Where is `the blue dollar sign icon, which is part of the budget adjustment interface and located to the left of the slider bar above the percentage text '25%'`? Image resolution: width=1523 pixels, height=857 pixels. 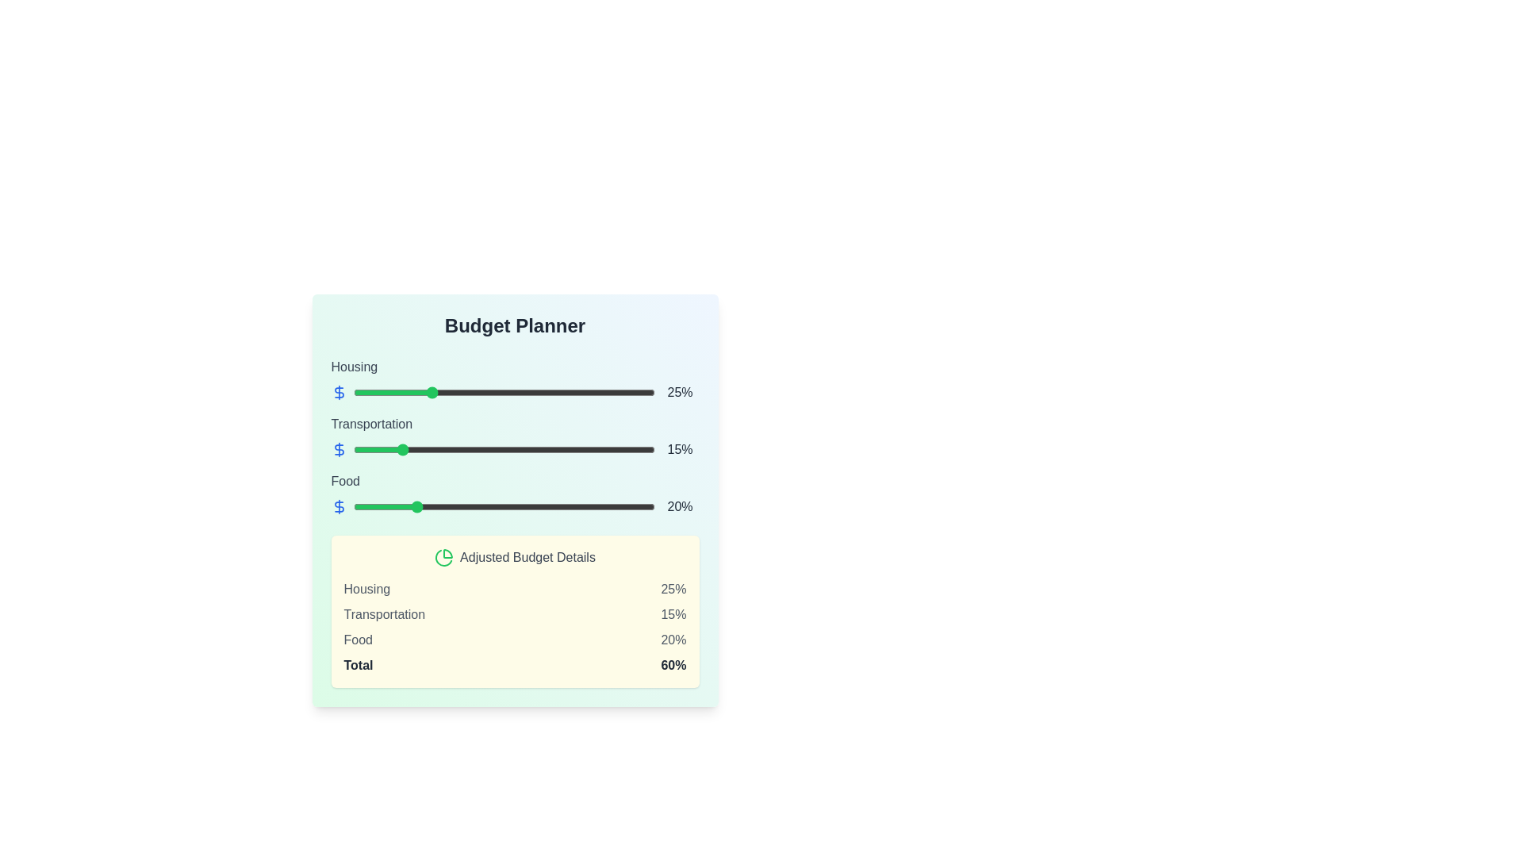
the blue dollar sign icon, which is part of the budget adjustment interface and located to the left of the slider bar above the percentage text '25%' is located at coordinates (338, 392).